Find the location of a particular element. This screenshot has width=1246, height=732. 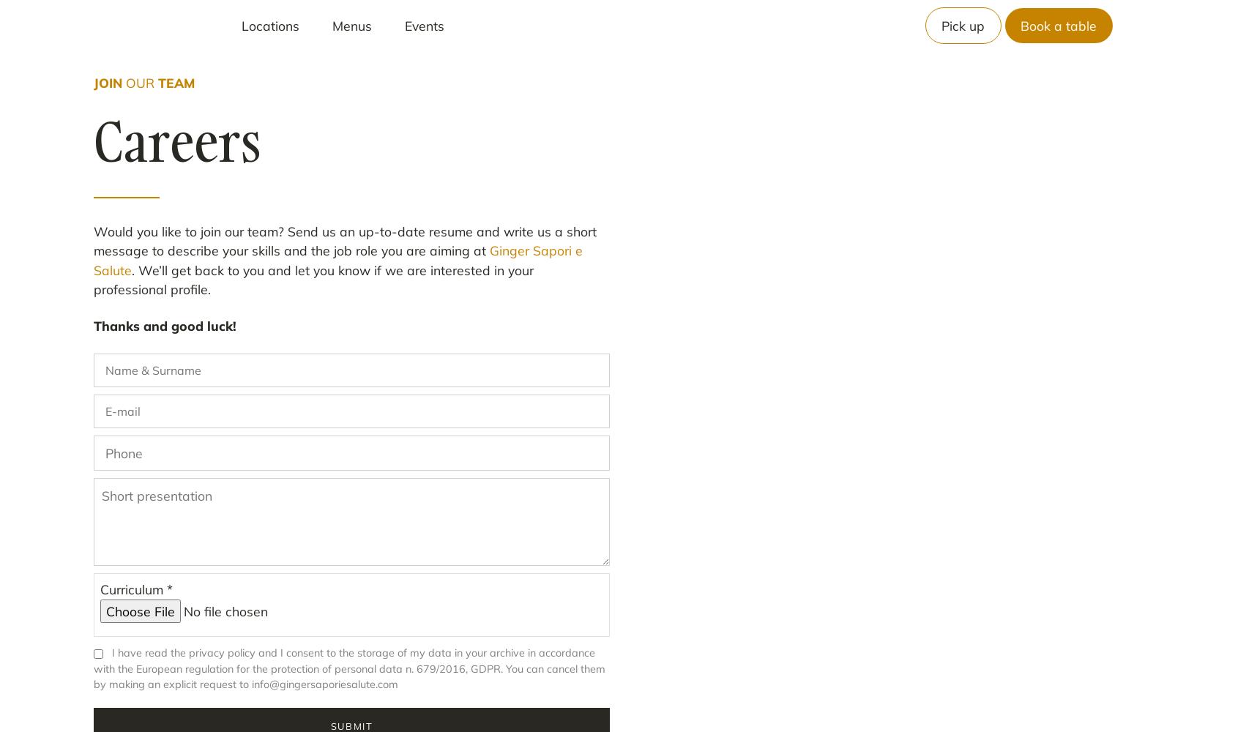

'I have read the privacy policy and I consent to the storage of my data in your archive in accordance with the European regulation for the protection of personal data n. 679/2016, GDPR. You can cancel them by making an explicit request to info@gingersaporiesalute.com' is located at coordinates (348, 668).